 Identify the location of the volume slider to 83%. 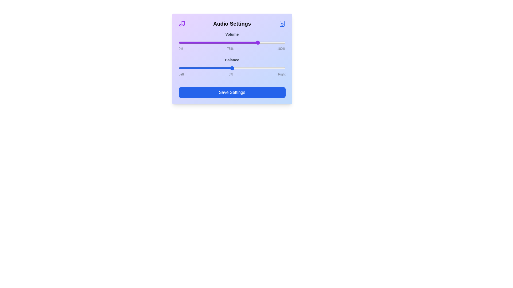
(267, 42).